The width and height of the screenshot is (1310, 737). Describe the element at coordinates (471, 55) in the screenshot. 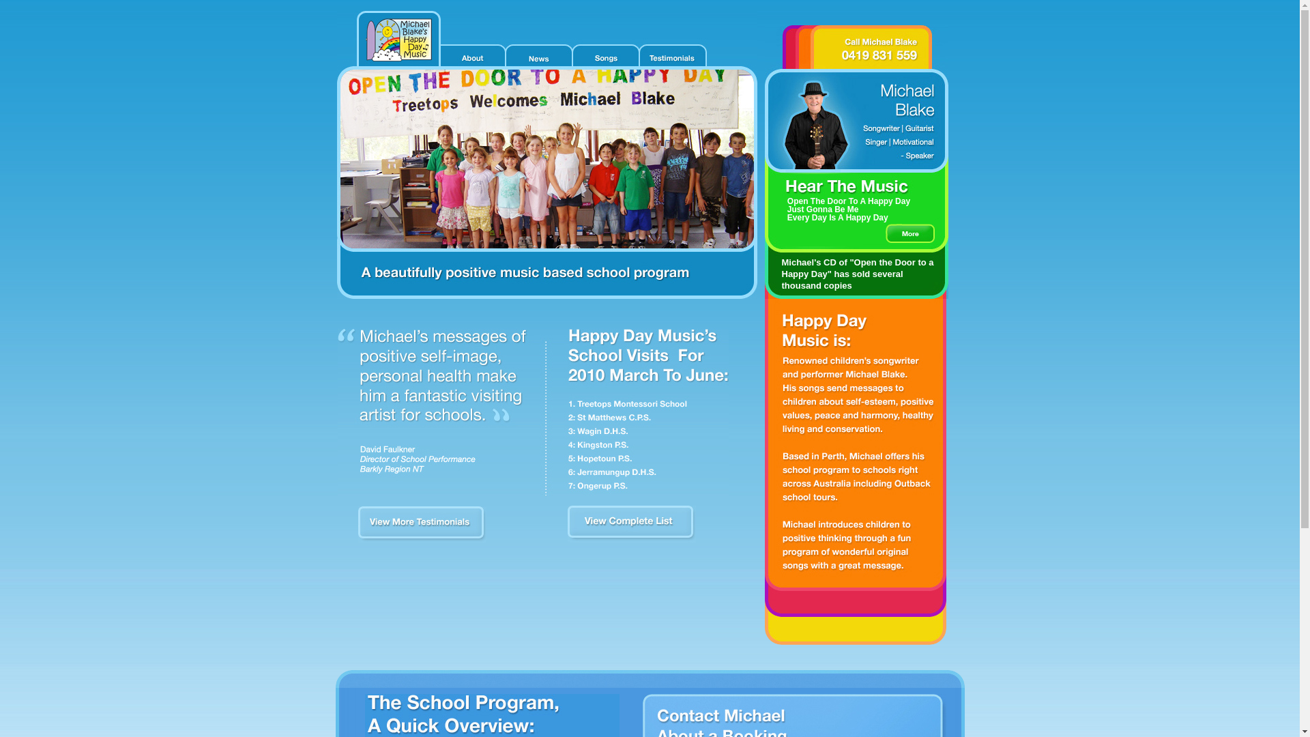

I see `'About'` at that location.